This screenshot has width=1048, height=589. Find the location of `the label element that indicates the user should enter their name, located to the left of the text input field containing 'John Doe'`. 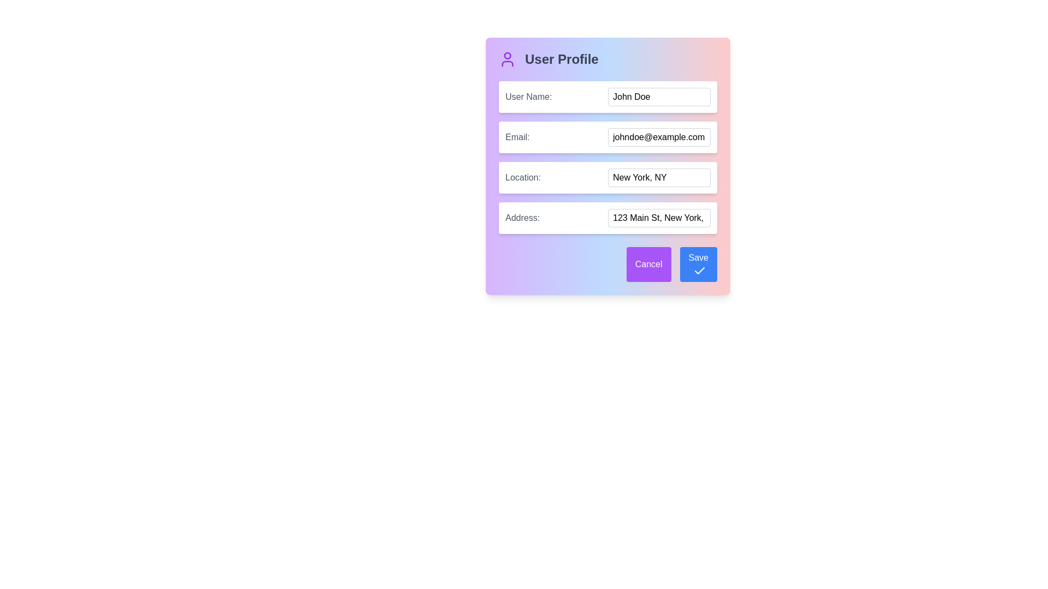

the label element that indicates the user should enter their name, located to the left of the text input field containing 'John Doe' is located at coordinates (528, 96).